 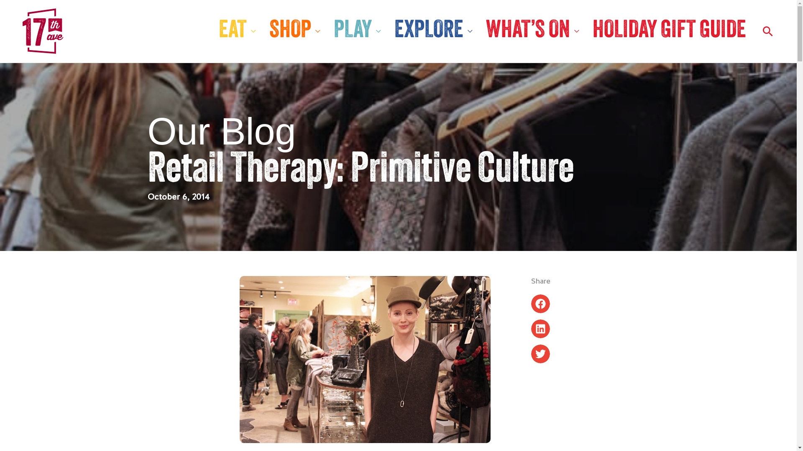 I want to click on 'EXPLORE', so click(x=433, y=30).